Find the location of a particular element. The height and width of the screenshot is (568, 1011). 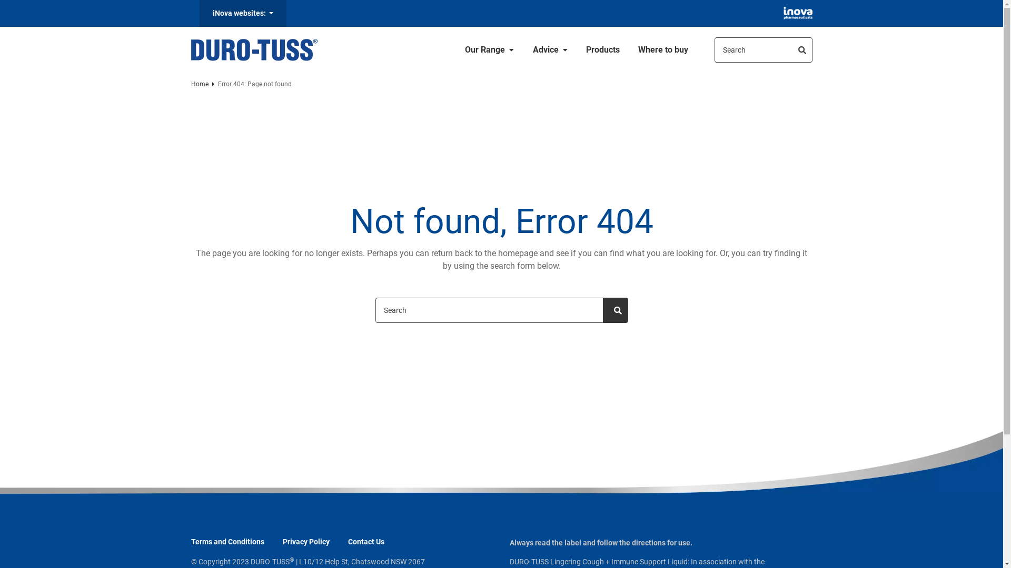

'Terms and Conditions' is located at coordinates (226, 541).